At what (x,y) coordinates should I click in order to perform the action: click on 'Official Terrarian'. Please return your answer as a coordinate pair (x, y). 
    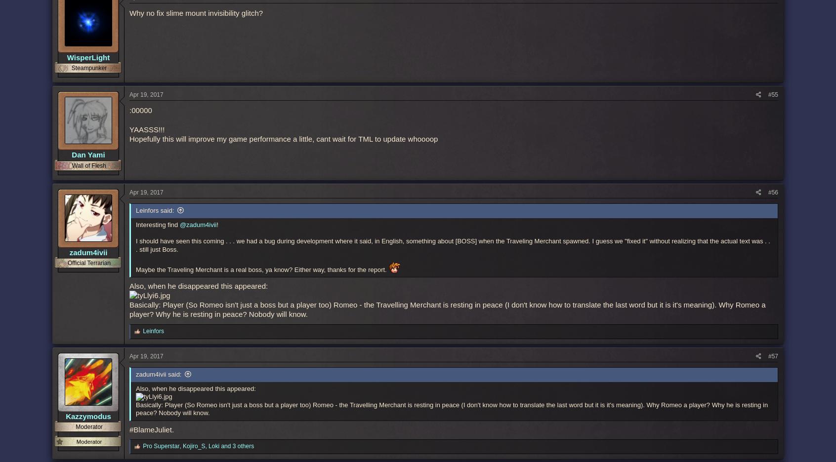
    Looking at the image, I should click on (68, 263).